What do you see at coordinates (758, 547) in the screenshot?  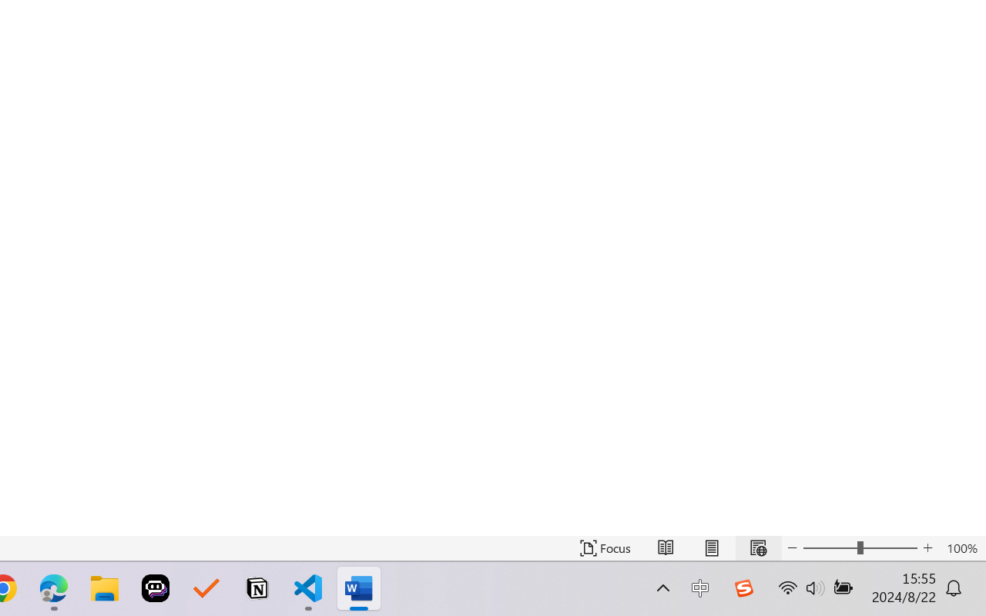 I see `'Web Layout'` at bounding box center [758, 547].